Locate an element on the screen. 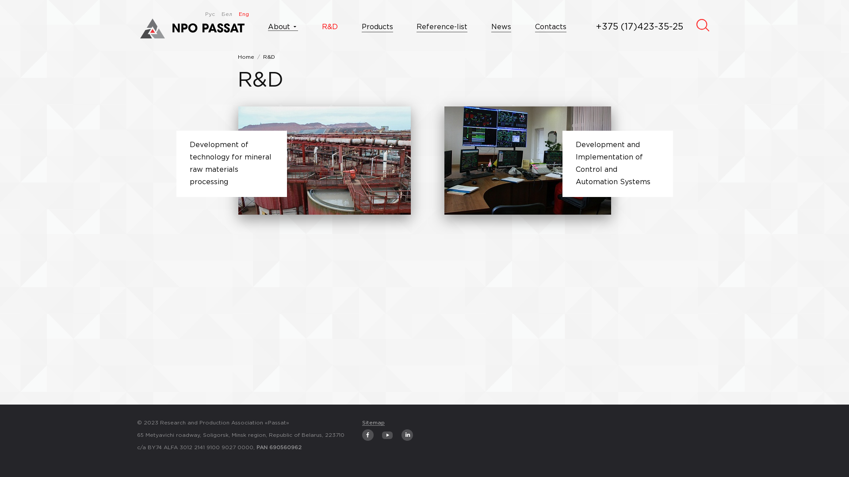 This screenshot has height=477, width=849. '+375 (17)423-35-25' is located at coordinates (639, 26).